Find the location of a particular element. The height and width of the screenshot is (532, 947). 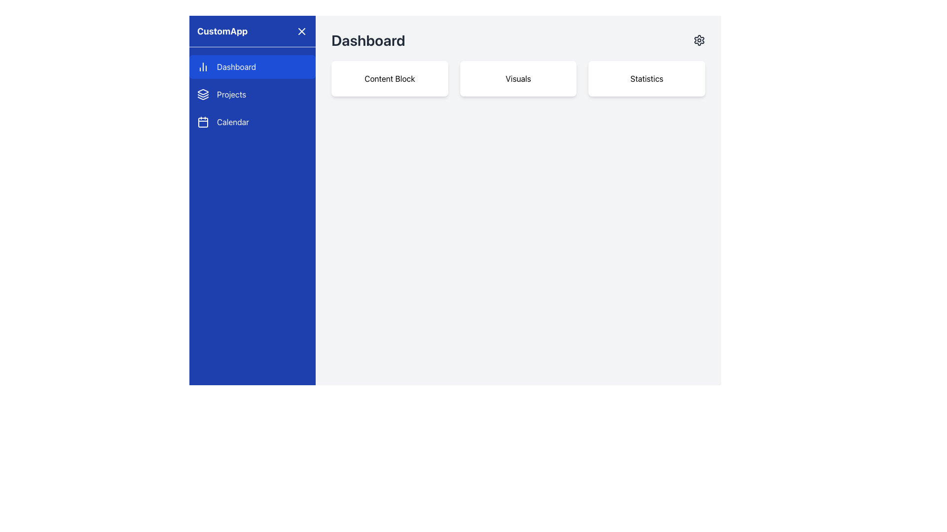

the stack icon representing the 'Projects' menu item in the sidebar, located to the left of the 'Projects' label is located at coordinates (203, 95).